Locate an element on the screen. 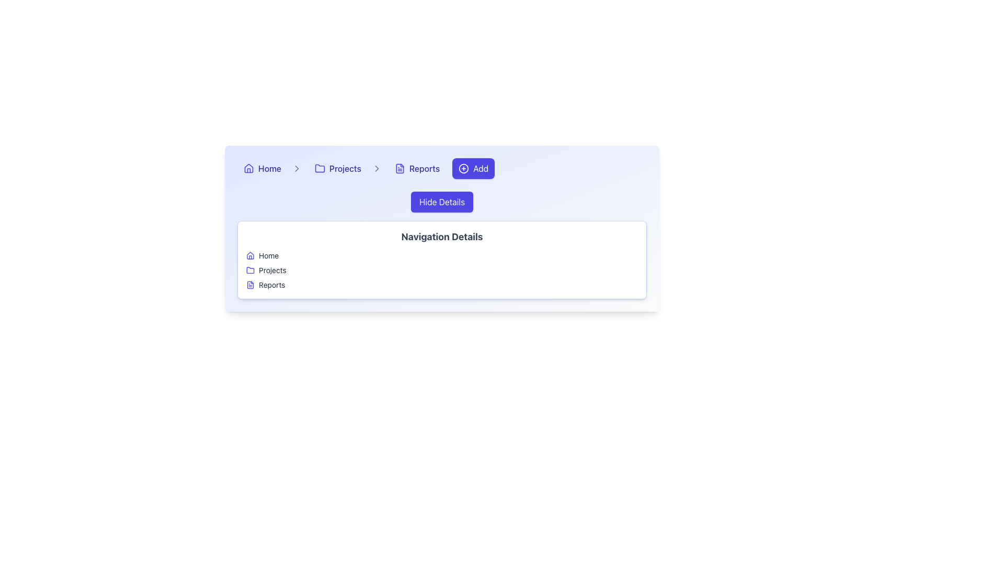  the circular indigo icon with an outlined plus sign in the center, located within the 'Add' button in the upper-right corner of the navigation bar is located at coordinates (463, 168).